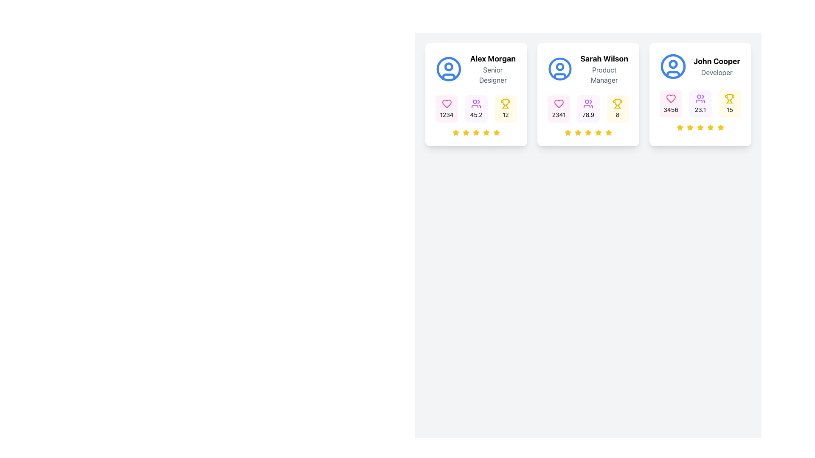  I want to click on the pink heart icon styled with a hollow design, located at the top center of the second card from the left below the user name 'Sarah Wilson', so click(446, 103).